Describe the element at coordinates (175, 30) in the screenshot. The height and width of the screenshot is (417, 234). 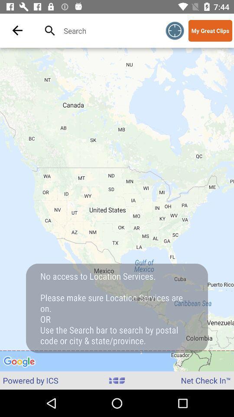
I see `item to the left of the my great clips item` at that location.